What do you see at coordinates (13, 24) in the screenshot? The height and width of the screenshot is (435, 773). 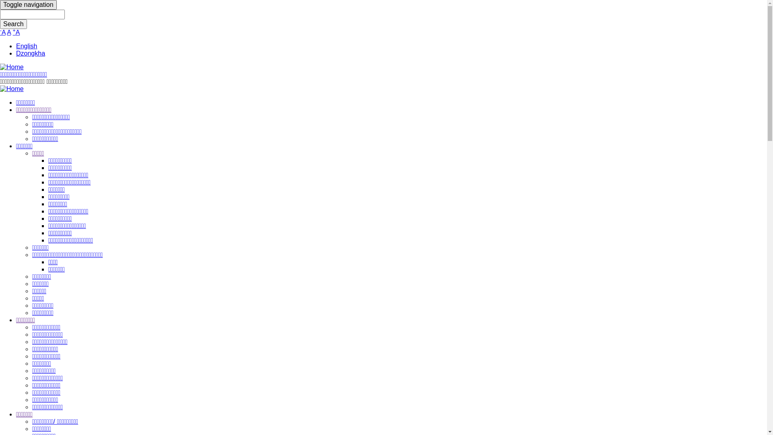 I see `'Search'` at bounding box center [13, 24].